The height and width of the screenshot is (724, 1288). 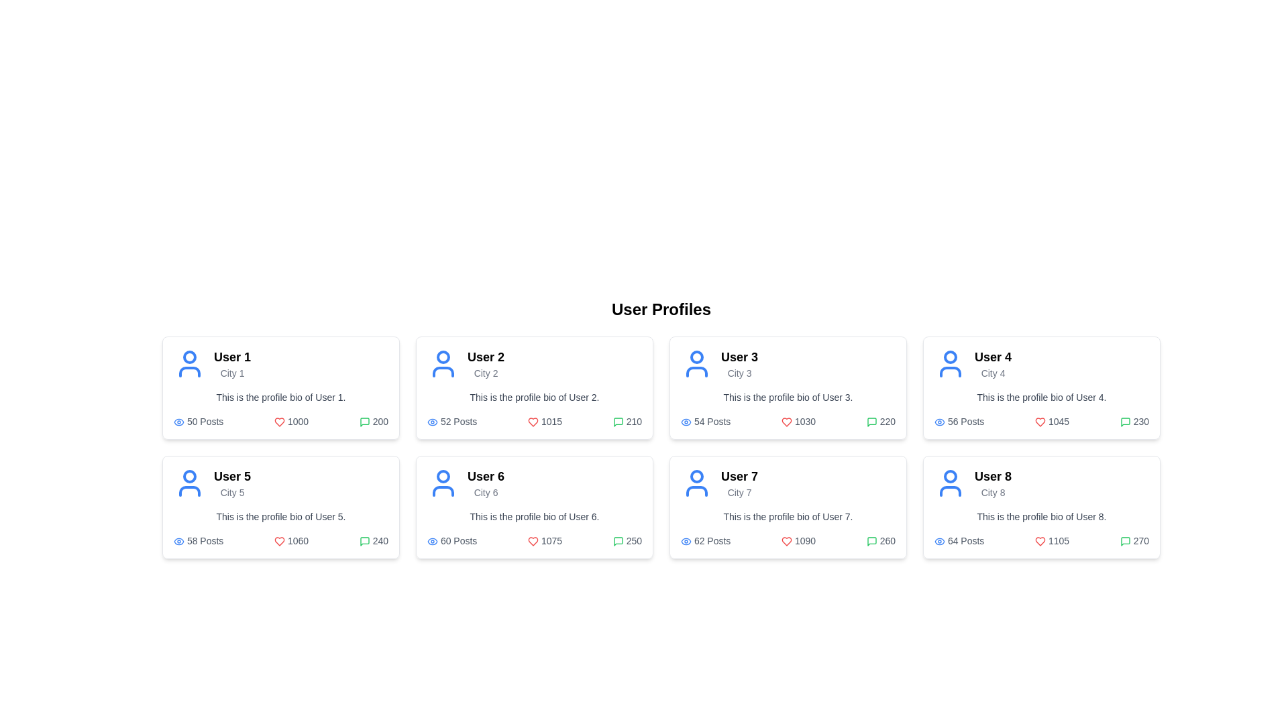 What do you see at coordinates (1134, 540) in the screenshot?
I see `the text displaying the number '270' in gray font, accompanied by a green comment icon in the bottom-right corner of the user profile card for 'User 8'` at bounding box center [1134, 540].